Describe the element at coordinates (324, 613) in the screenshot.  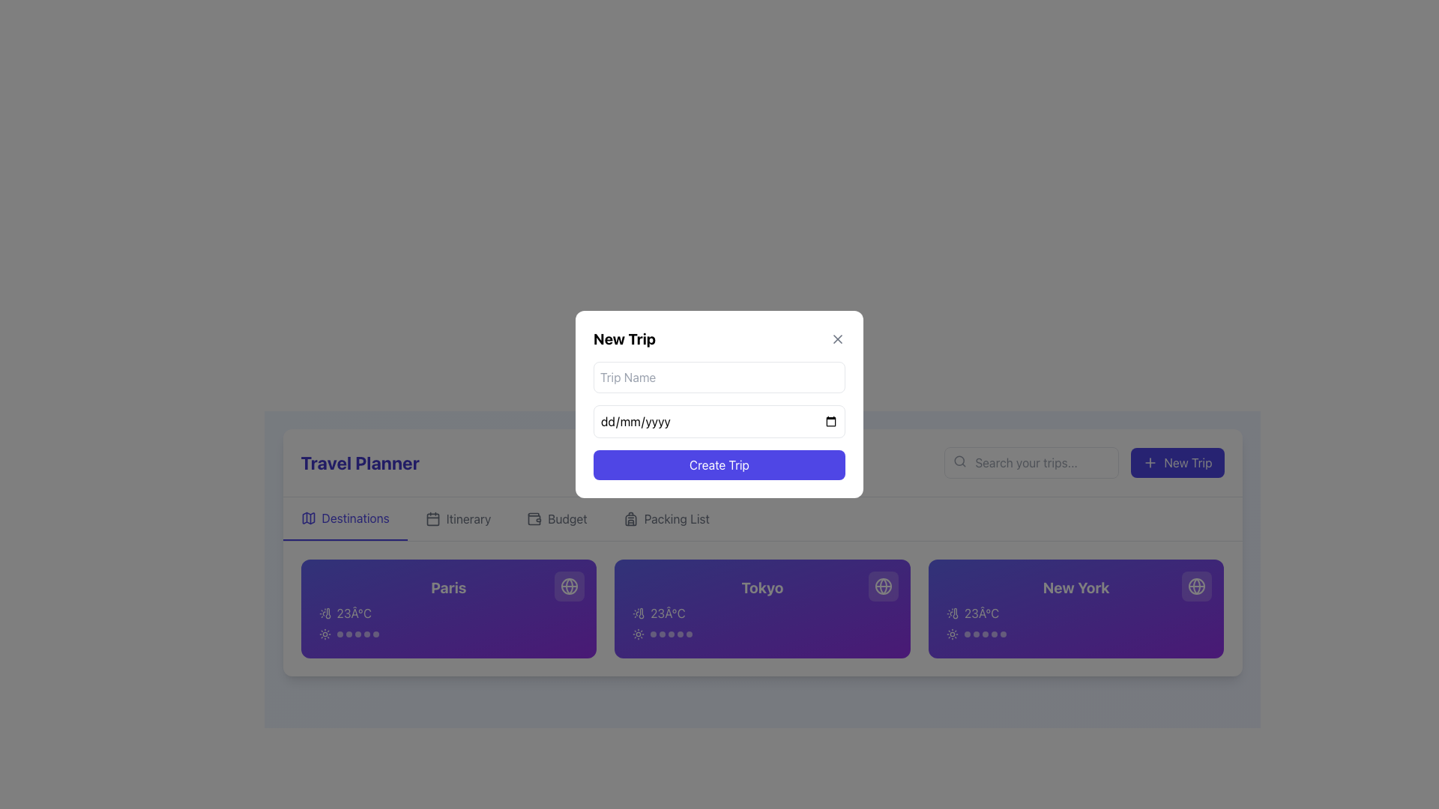
I see `the sun and thermometer icon, which is styled in an outlined fashion and positioned to the left of the '23°C' temperature indication within the card element for the 'Paris' destination` at that location.